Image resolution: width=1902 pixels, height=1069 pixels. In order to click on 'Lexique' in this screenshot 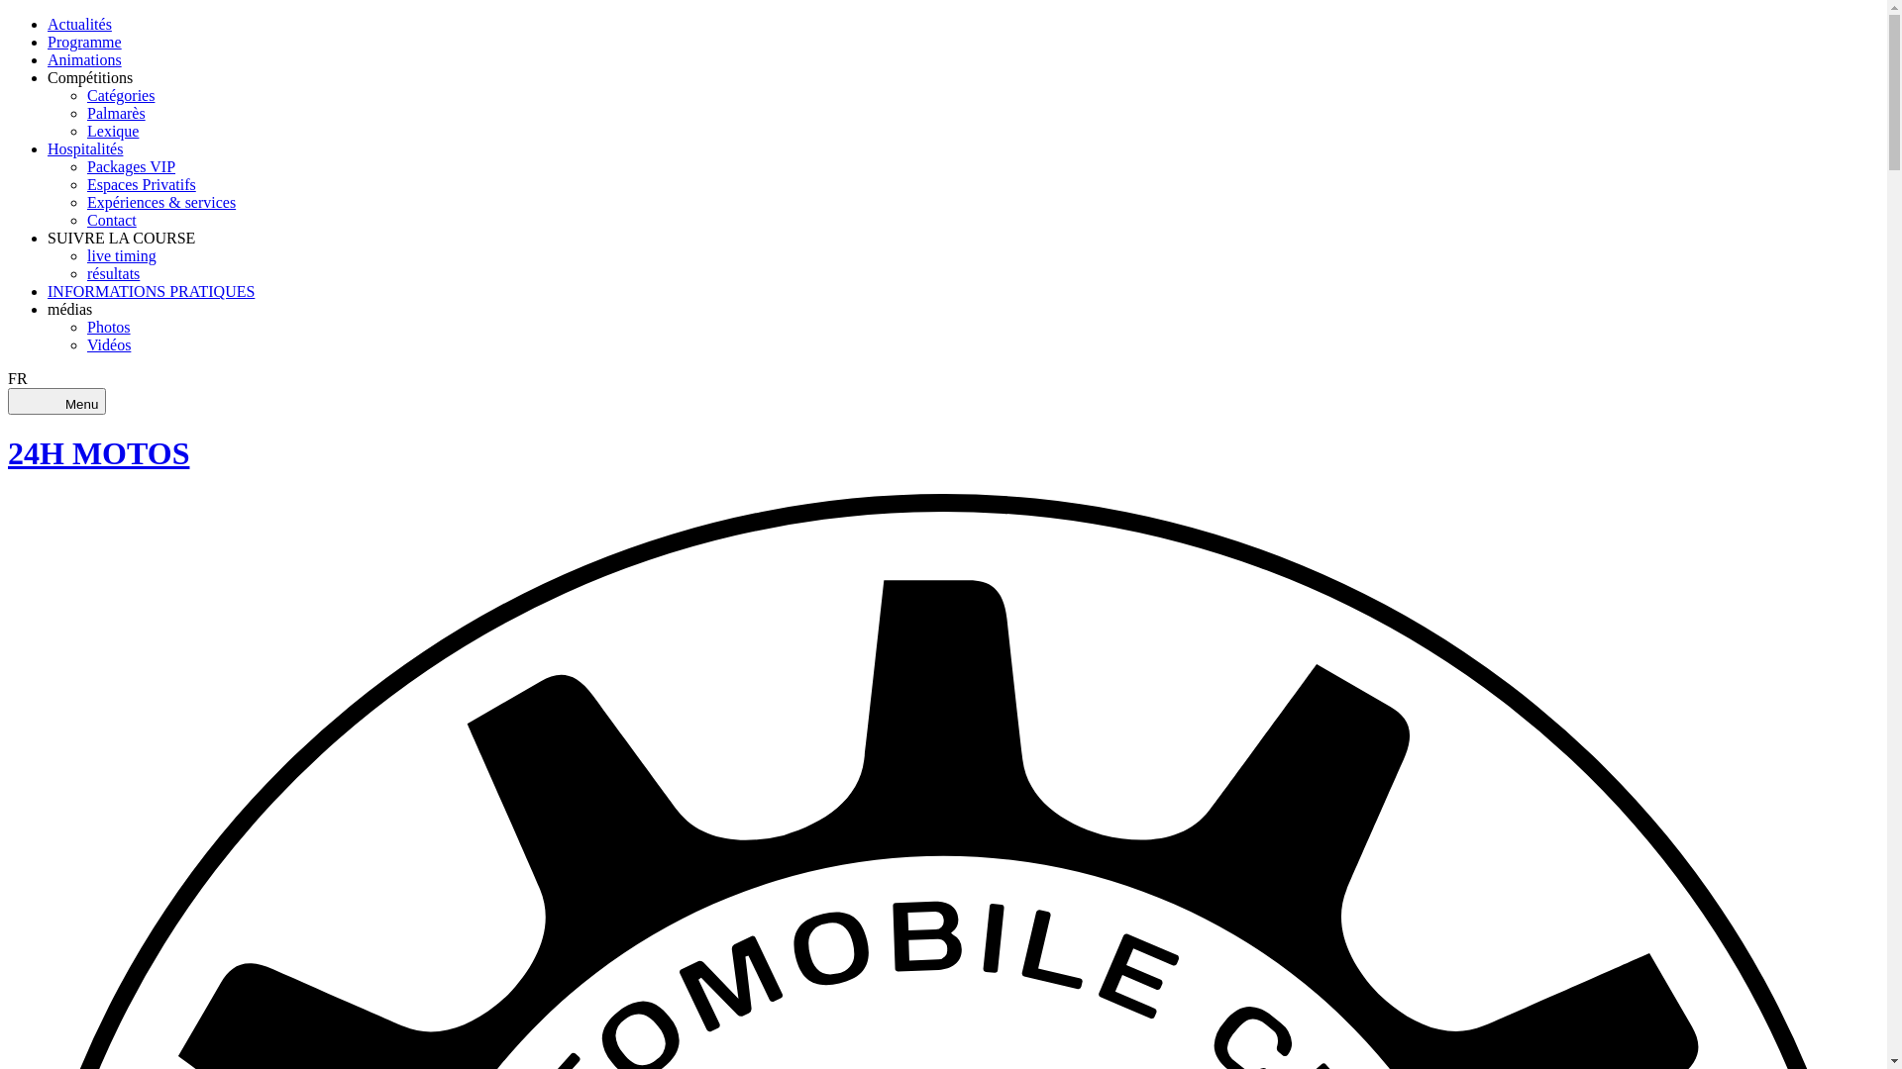, I will do `click(112, 131)`.